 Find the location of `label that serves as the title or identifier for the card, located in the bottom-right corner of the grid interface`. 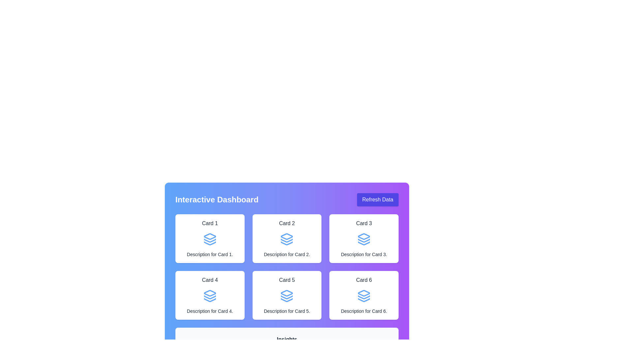

label that serves as the title or identifier for the card, located in the bottom-right corner of the grid interface is located at coordinates (364, 280).